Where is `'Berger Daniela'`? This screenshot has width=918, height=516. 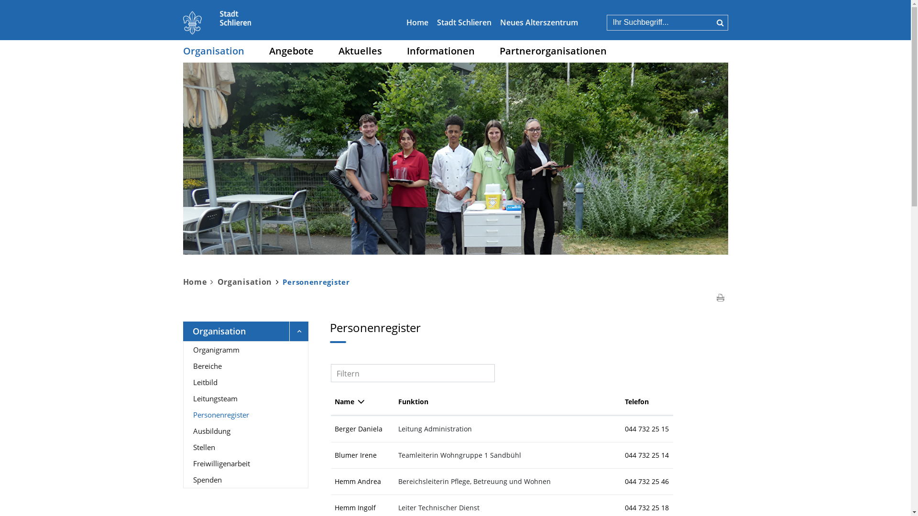
'Berger Daniela' is located at coordinates (335, 428).